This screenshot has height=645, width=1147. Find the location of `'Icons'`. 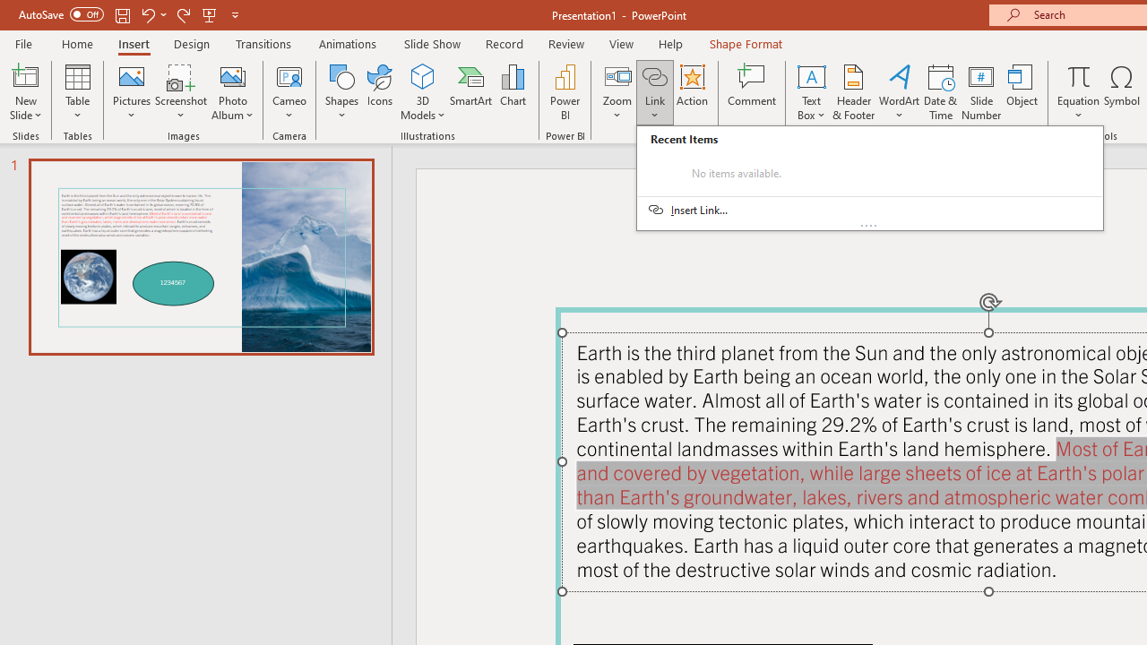

'Icons' is located at coordinates (379, 92).